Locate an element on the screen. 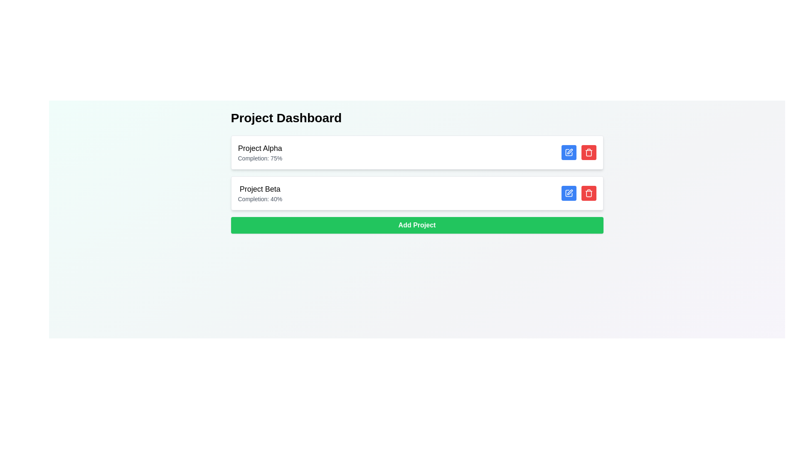 The image size is (798, 449). the horizontal button group for managing the project in the 'Project Alpha' card, located at the right side of the card, which contains buttons for editing and deleting the project is located at coordinates (578, 152).